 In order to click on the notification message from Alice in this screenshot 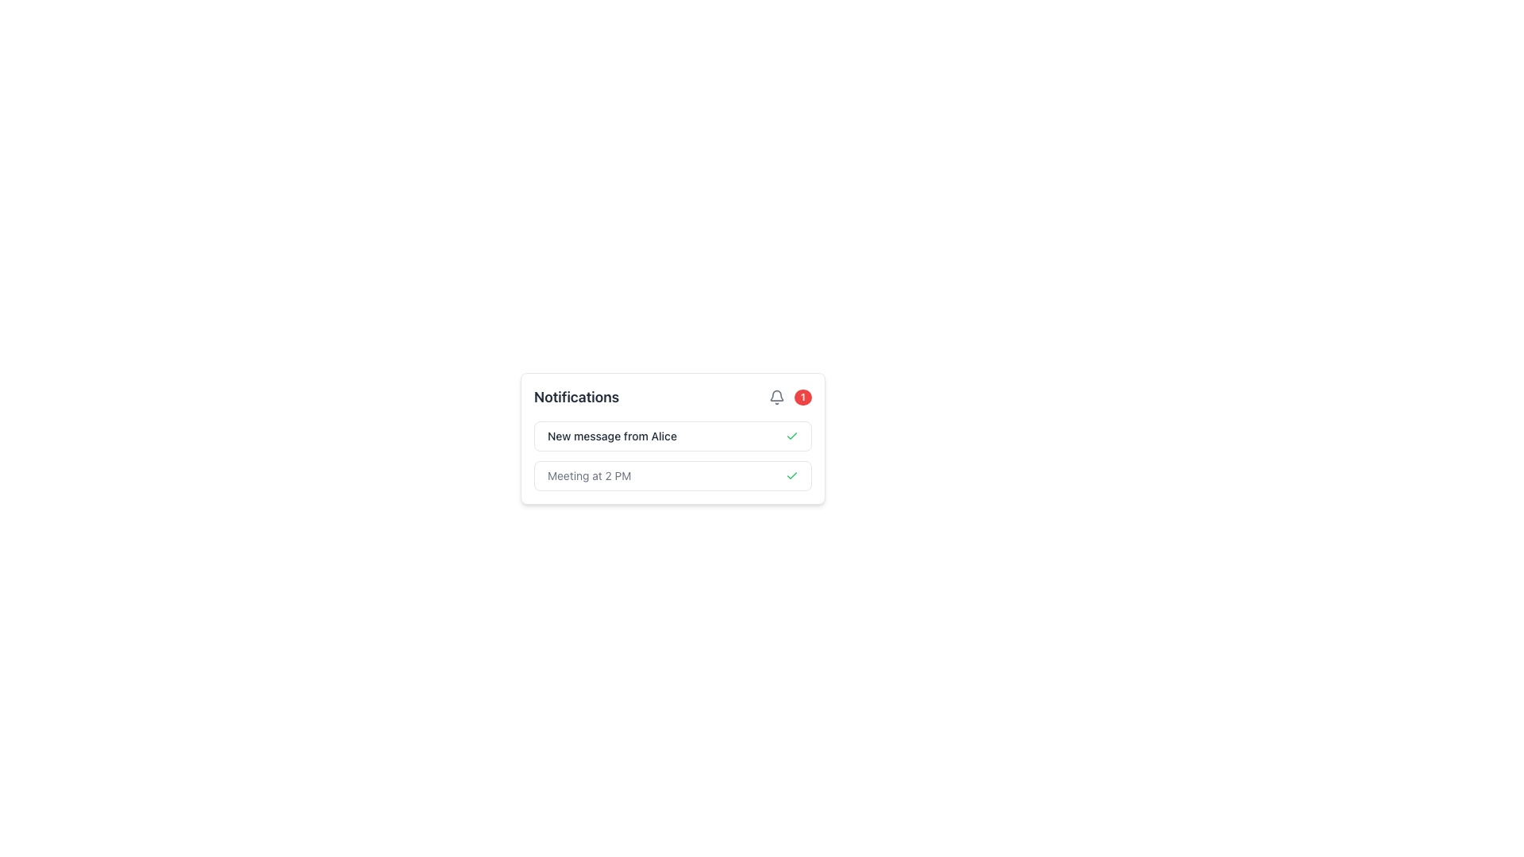, I will do `click(673, 436)`.